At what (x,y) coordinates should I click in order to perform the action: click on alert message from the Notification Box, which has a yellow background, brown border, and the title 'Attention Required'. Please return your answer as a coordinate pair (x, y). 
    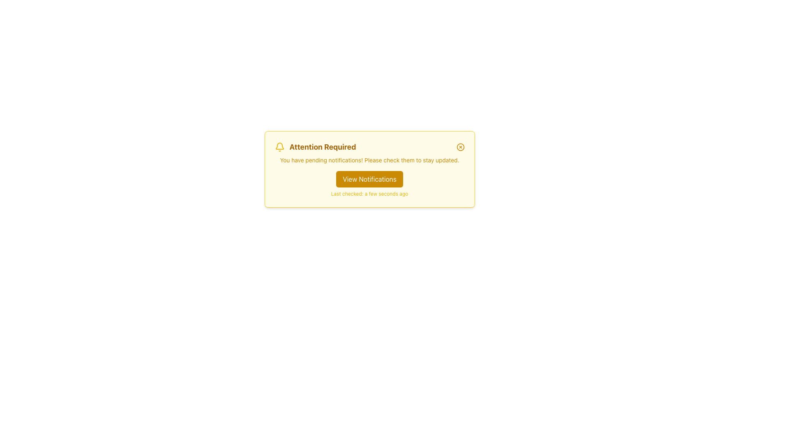
    Looking at the image, I should click on (369, 169).